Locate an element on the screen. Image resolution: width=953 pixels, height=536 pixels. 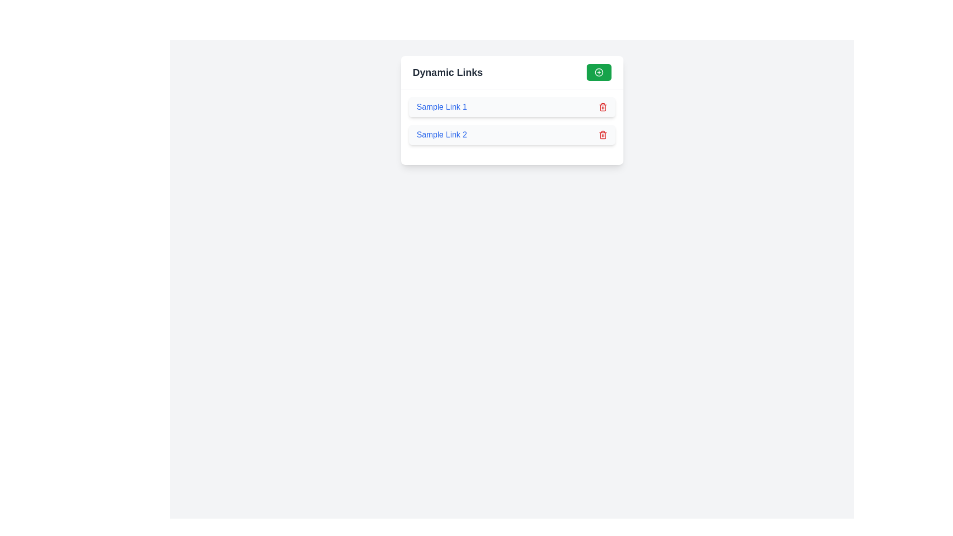
the green square button located at the top-right corner, adjacent to the title 'Dynamic Links', which contains the decorative icon is located at coordinates (598, 72).